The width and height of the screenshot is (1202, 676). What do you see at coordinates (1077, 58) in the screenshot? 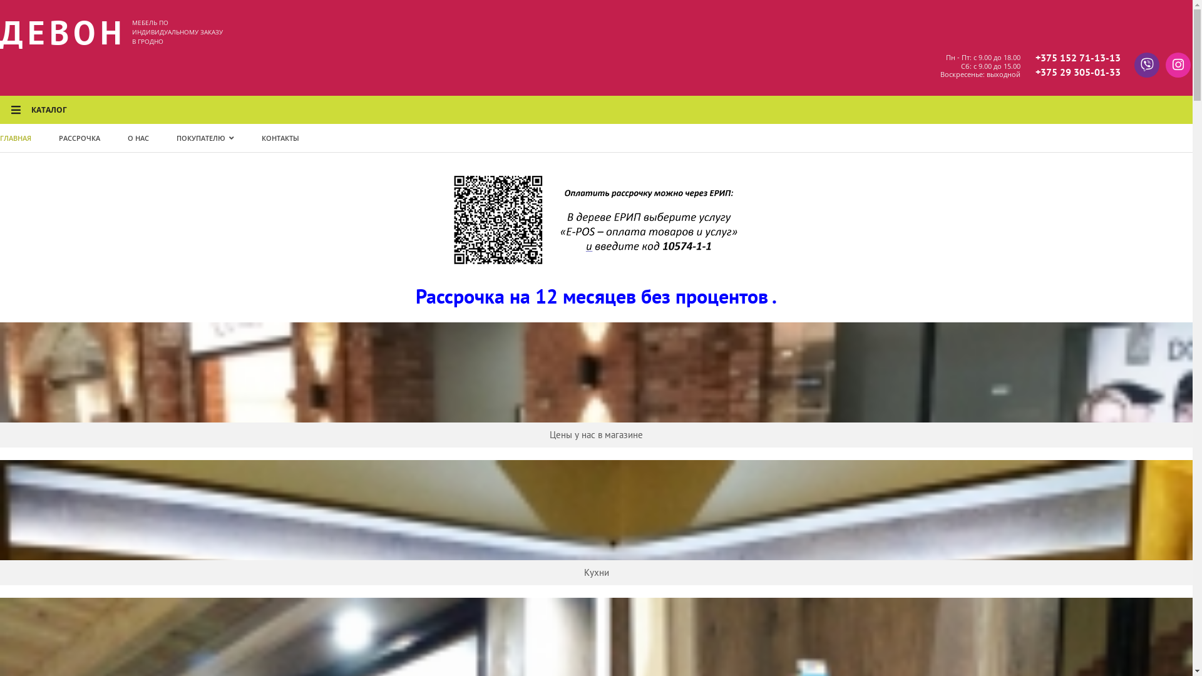
I see `'+375 152 71-13-13'` at bounding box center [1077, 58].